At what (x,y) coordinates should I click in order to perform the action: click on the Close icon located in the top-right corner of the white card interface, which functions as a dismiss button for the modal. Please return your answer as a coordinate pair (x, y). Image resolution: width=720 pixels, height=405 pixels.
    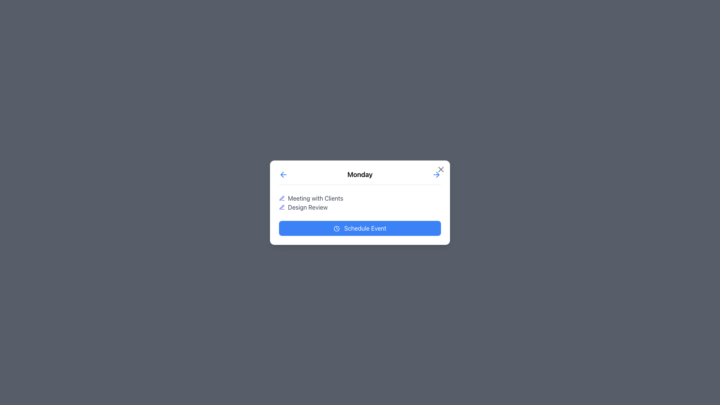
    Looking at the image, I should click on (441, 169).